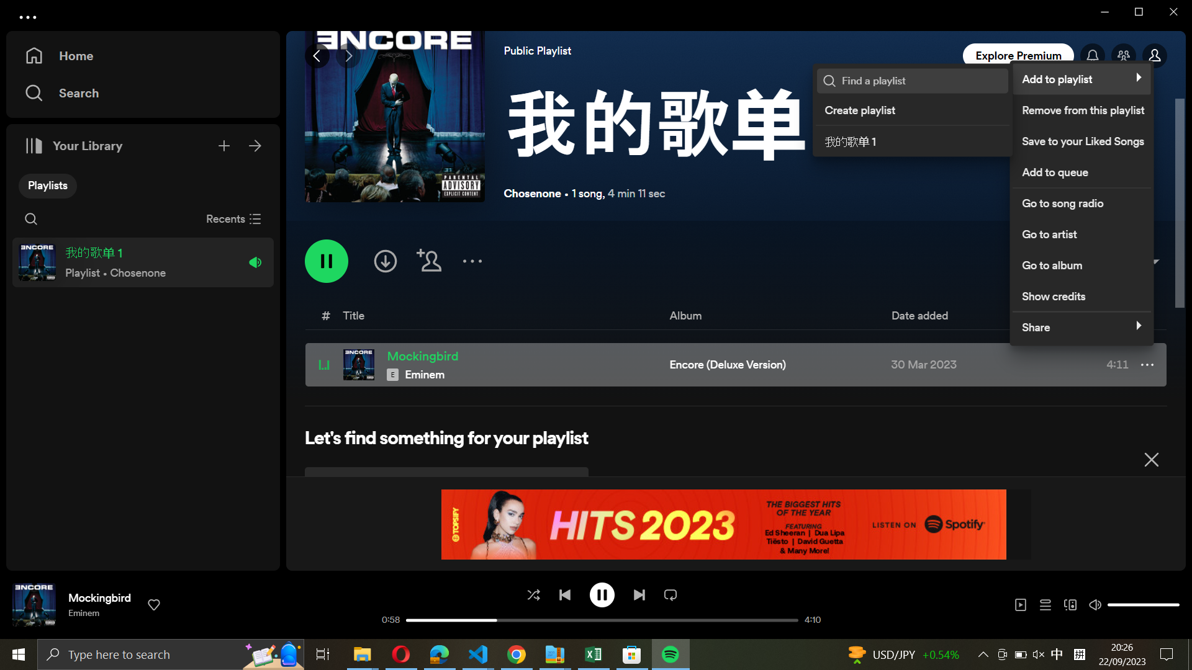 This screenshot has width=1192, height=670. Describe the element at coordinates (921, 81) in the screenshot. I see `Locate the playlist I listen to the most` at that location.